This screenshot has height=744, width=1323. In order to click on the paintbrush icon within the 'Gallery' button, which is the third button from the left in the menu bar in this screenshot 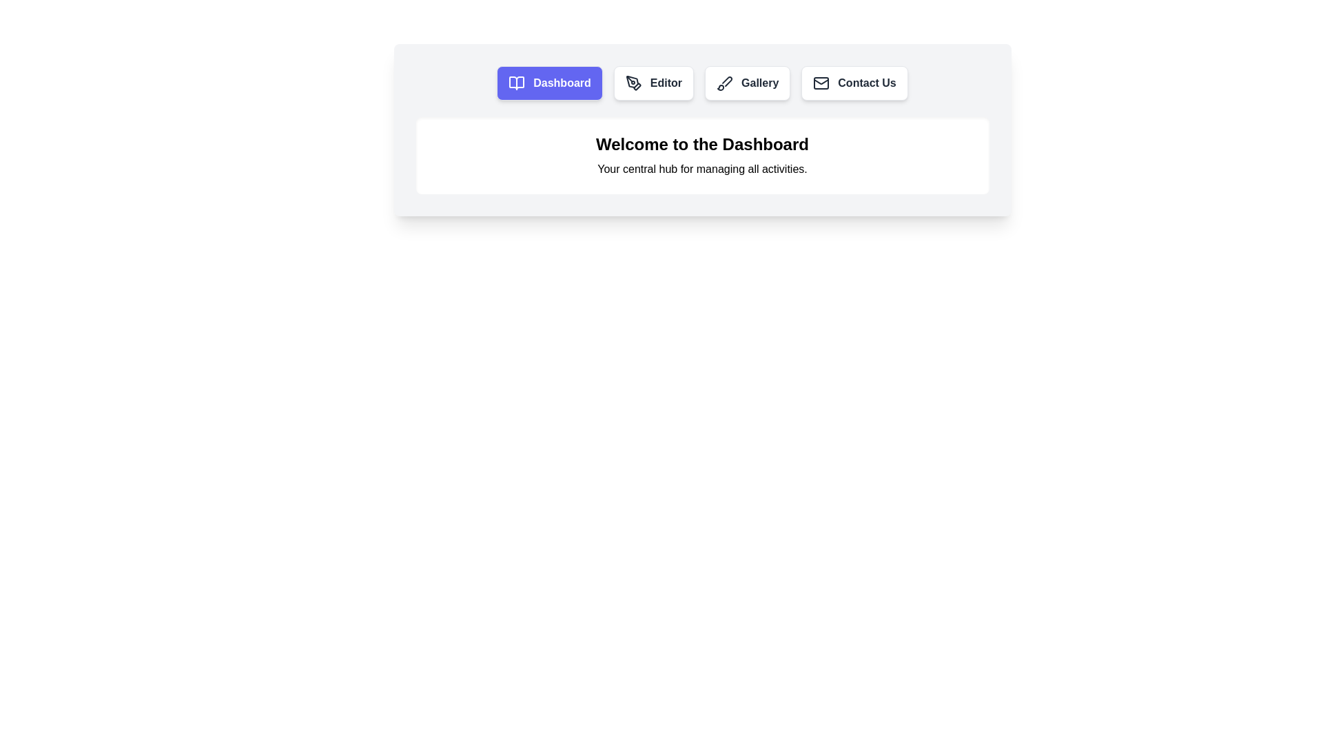, I will do `click(724, 83)`.